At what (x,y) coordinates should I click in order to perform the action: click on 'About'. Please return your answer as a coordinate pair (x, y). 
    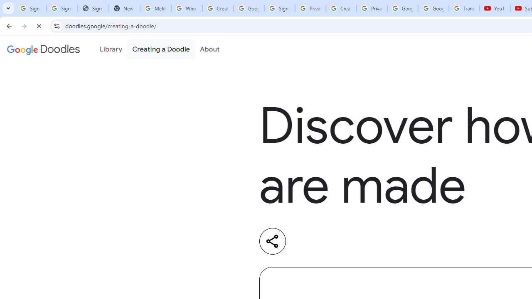
    Looking at the image, I should click on (209, 49).